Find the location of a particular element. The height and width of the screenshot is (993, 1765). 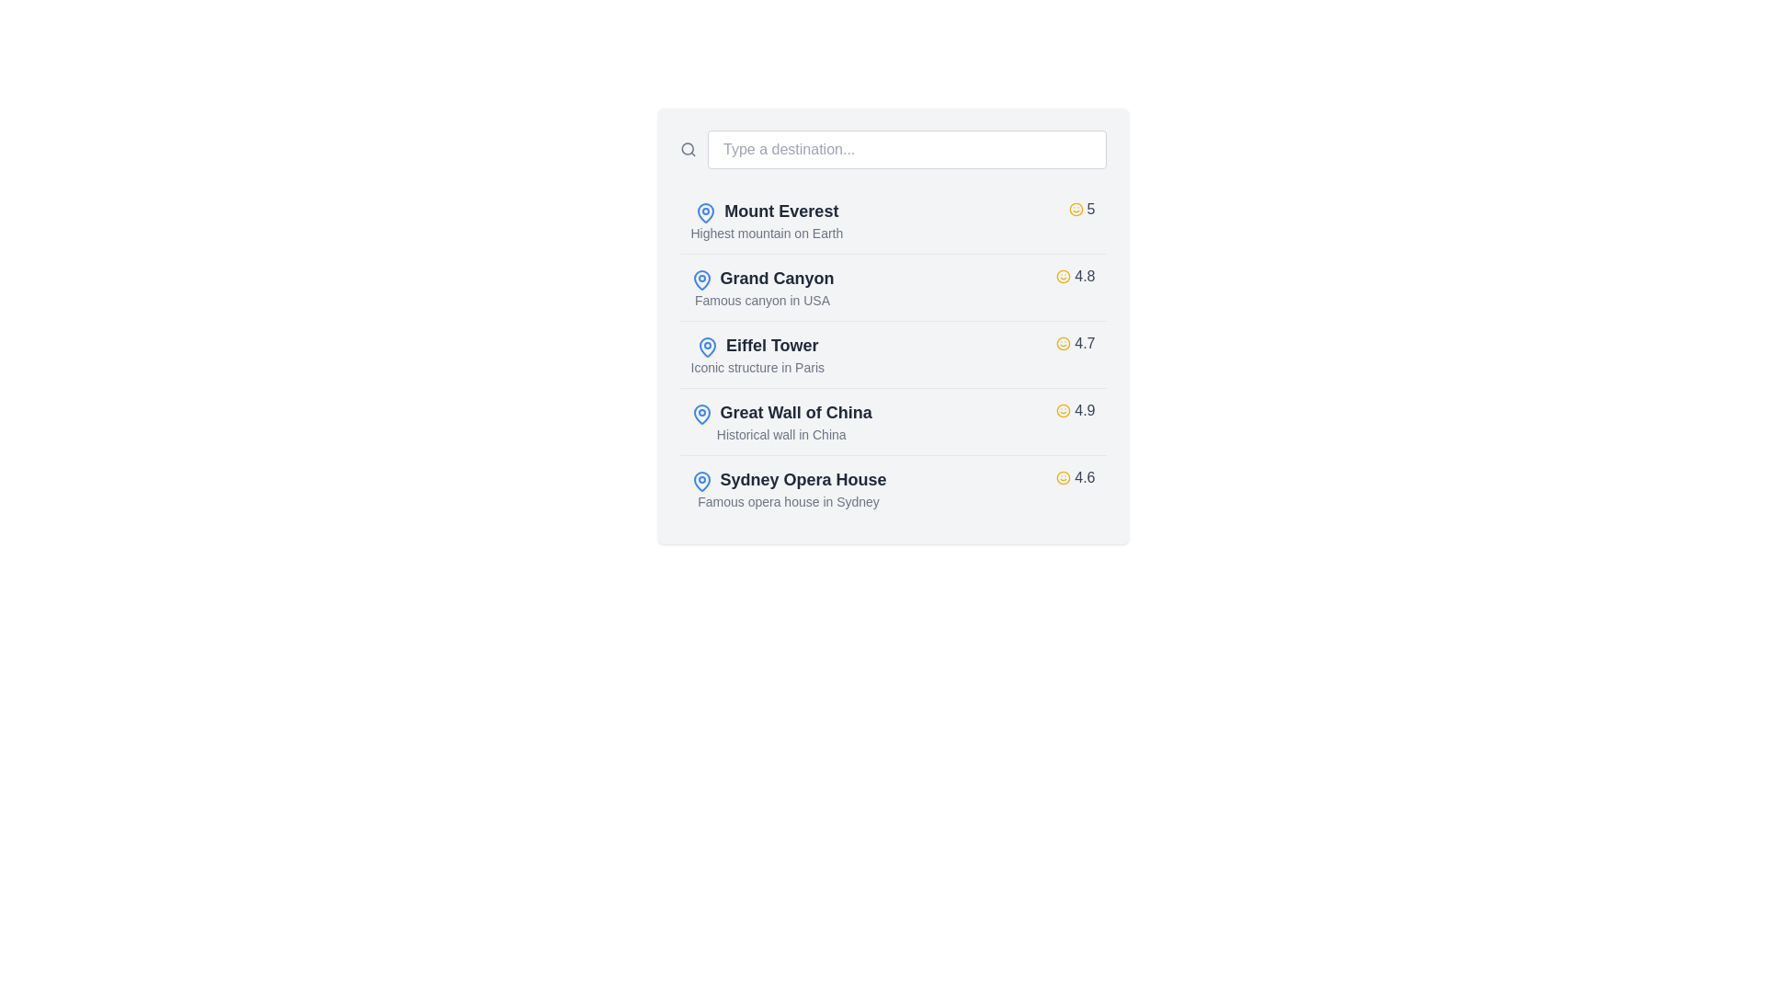

displayed numeric value '5' from the text label element, which is styled in gray and positioned to the right of a yellow smiling face icon within a horizontal layout is located at coordinates (1091, 208).